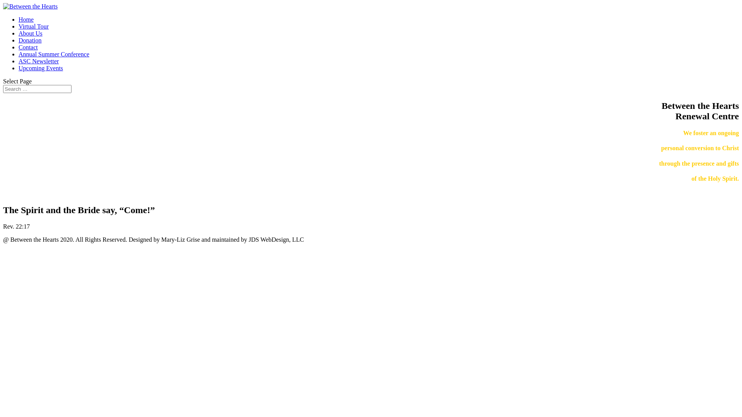 This screenshot has width=742, height=417. Describe the element at coordinates (40, 68) in the screenshot. I see `'Upcoming Events'` at that location.